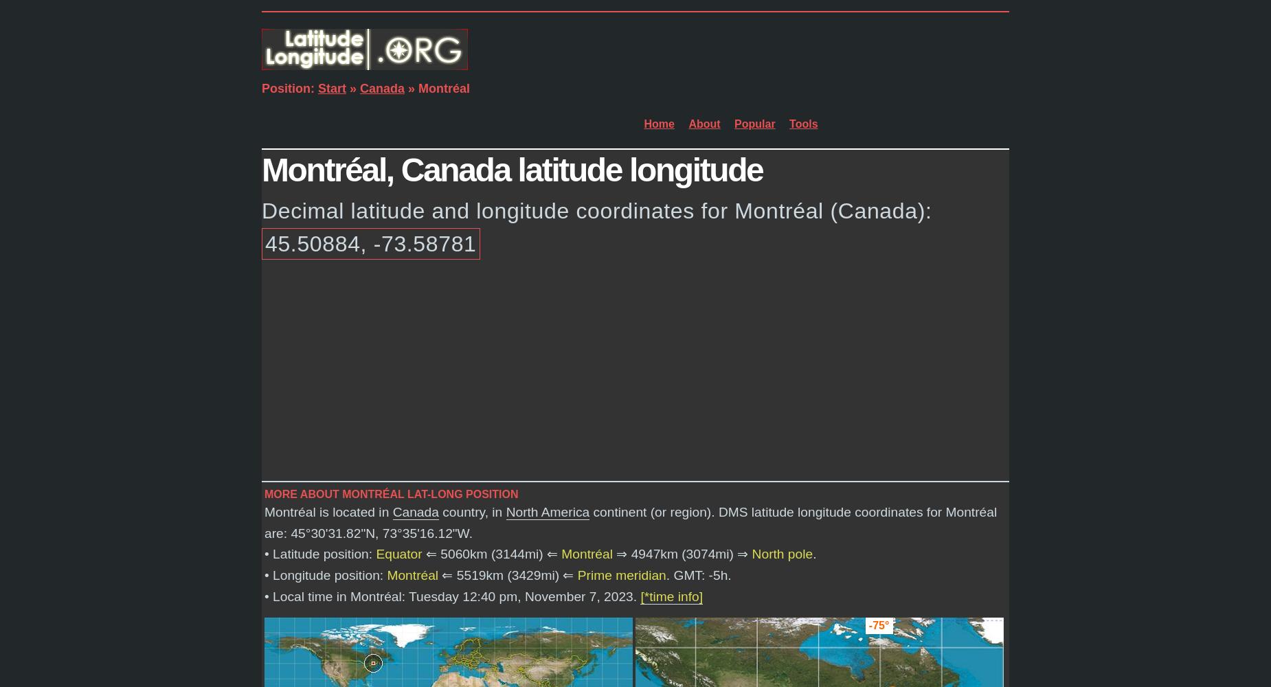  Describe the element at coordinates (547, 510) in the screenshot. I see `'North America'` at that location.